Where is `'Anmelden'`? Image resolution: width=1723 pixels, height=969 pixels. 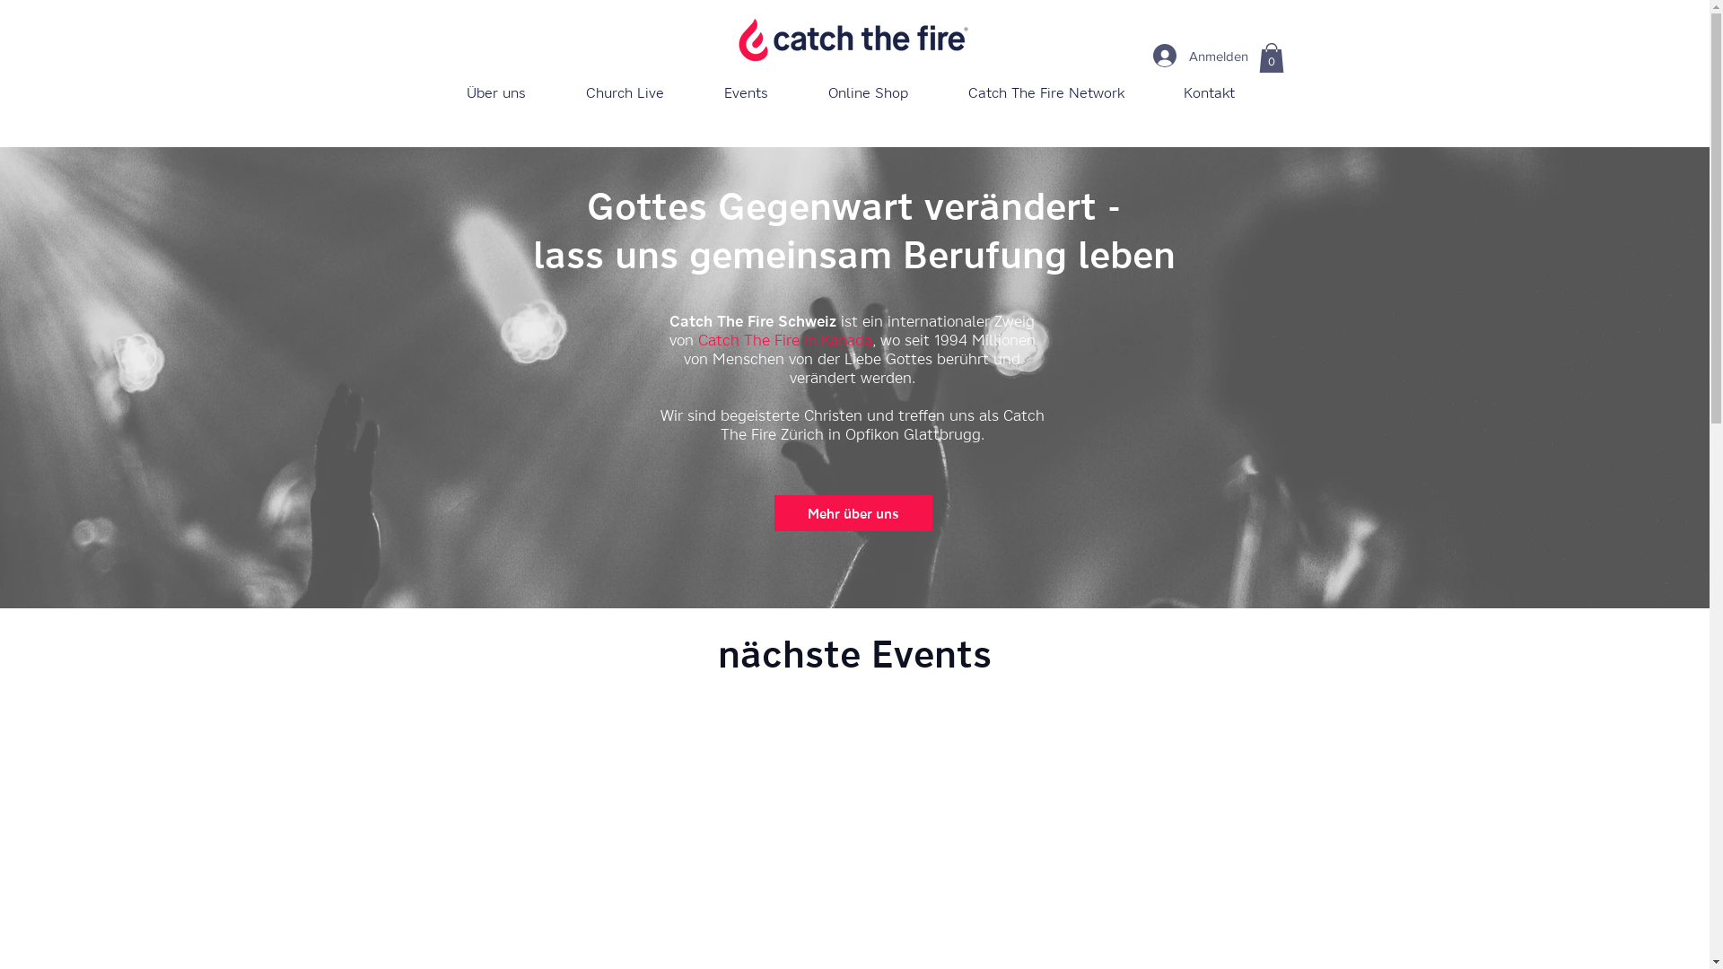 'Anmelden' is located at coordinates (1193, 54).